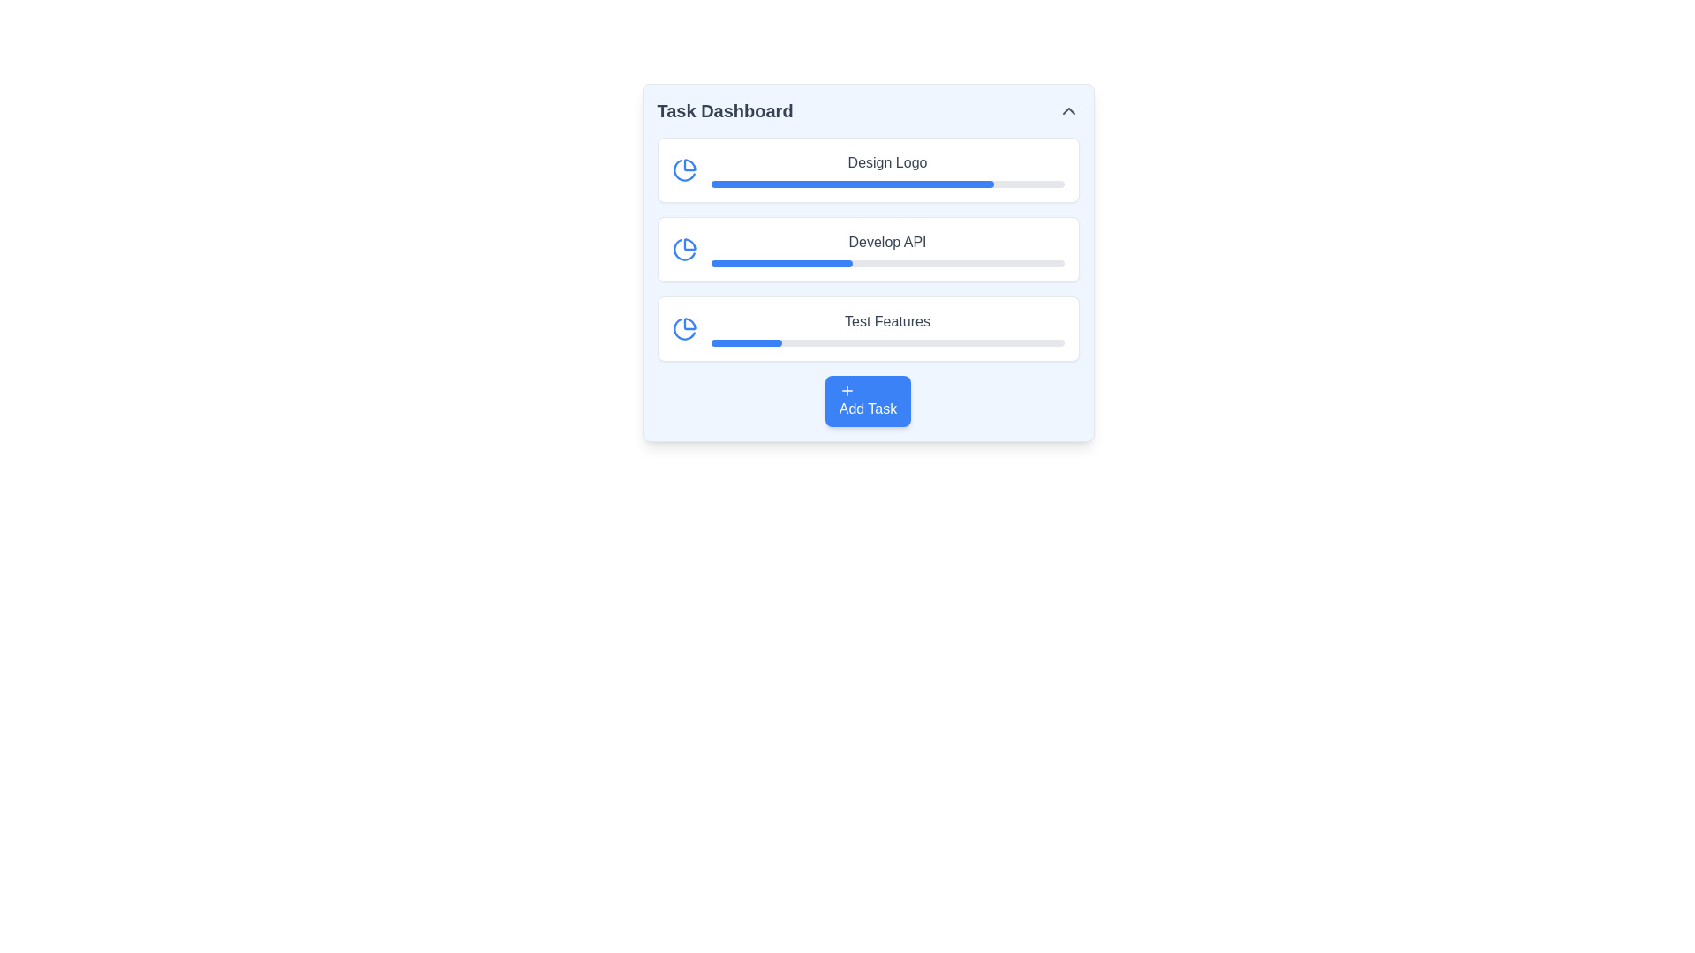 This screenshot has width=1695, height=953. Describe the element at coordinates (868, 249) in the screenshot. I see `the second task item card titled 'Develop API' in the Task Dashboard section` at that location.